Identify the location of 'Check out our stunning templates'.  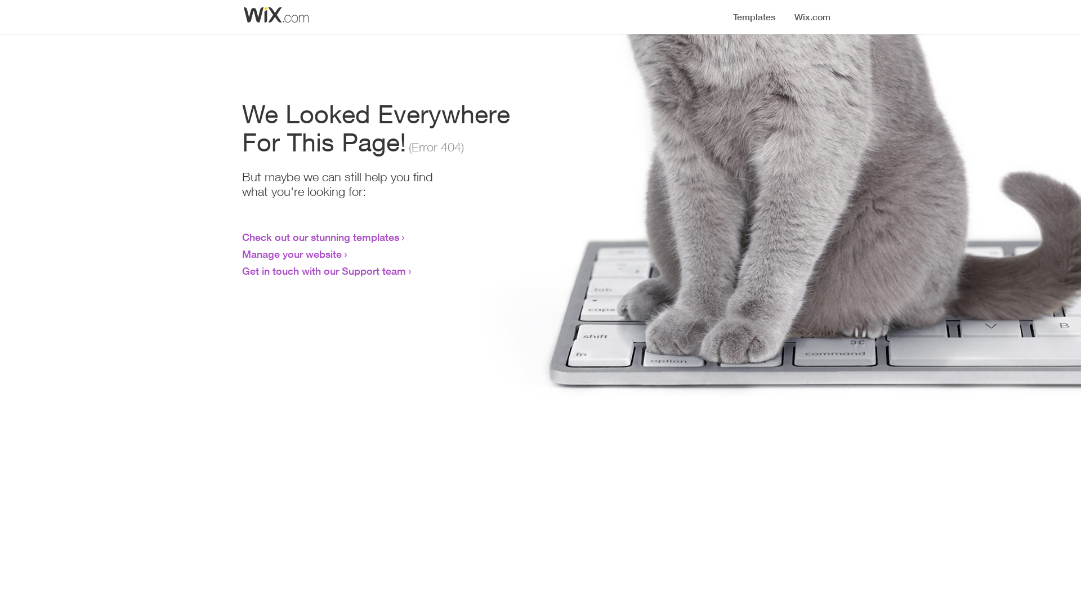
(320, 236).